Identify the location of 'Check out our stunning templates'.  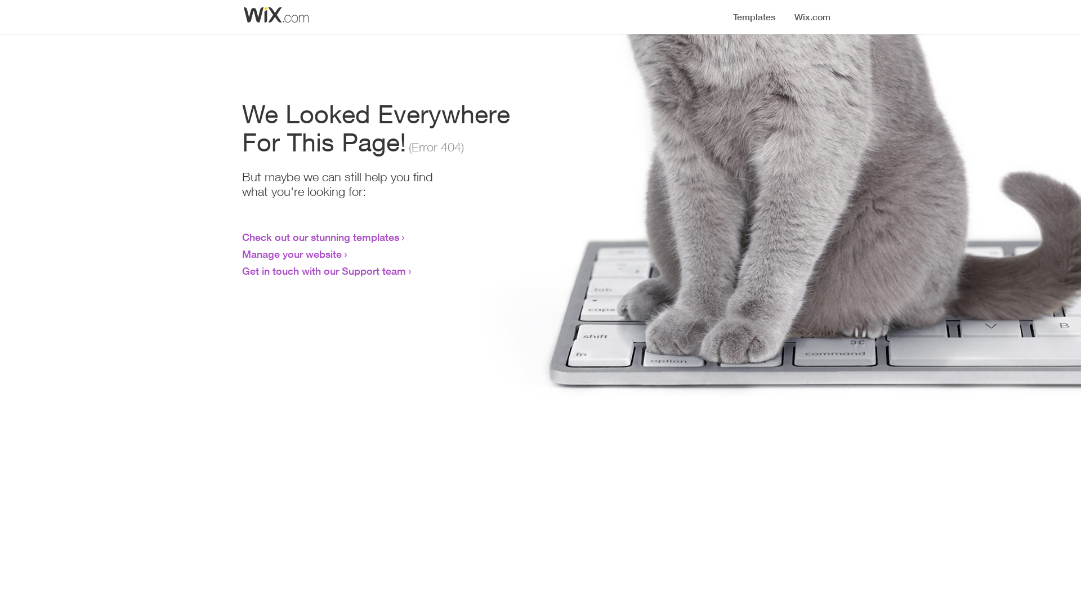
(320, 236).